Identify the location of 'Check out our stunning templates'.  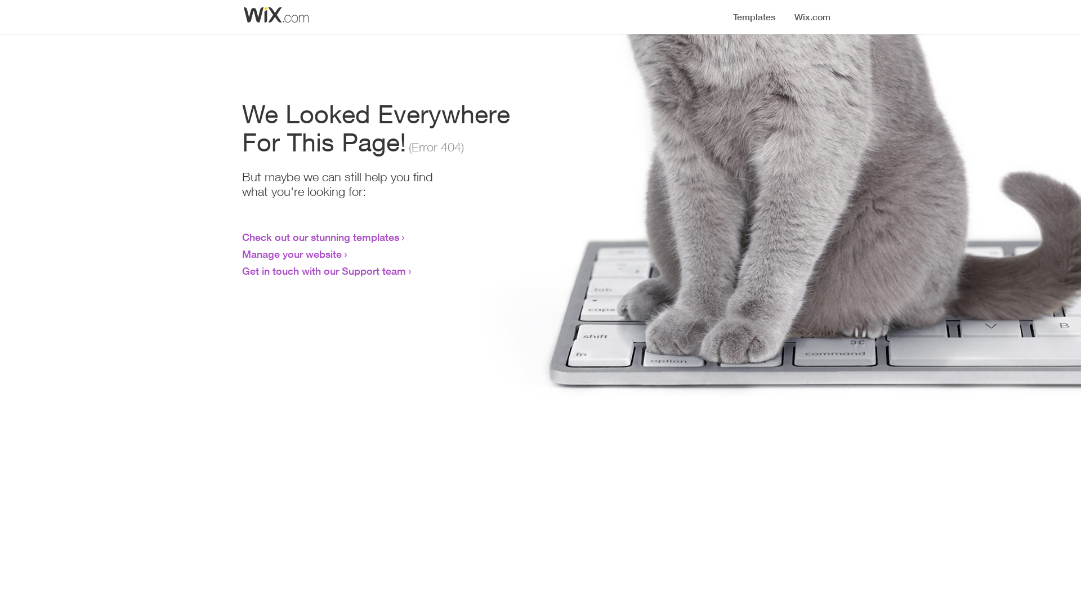
(320, 236).